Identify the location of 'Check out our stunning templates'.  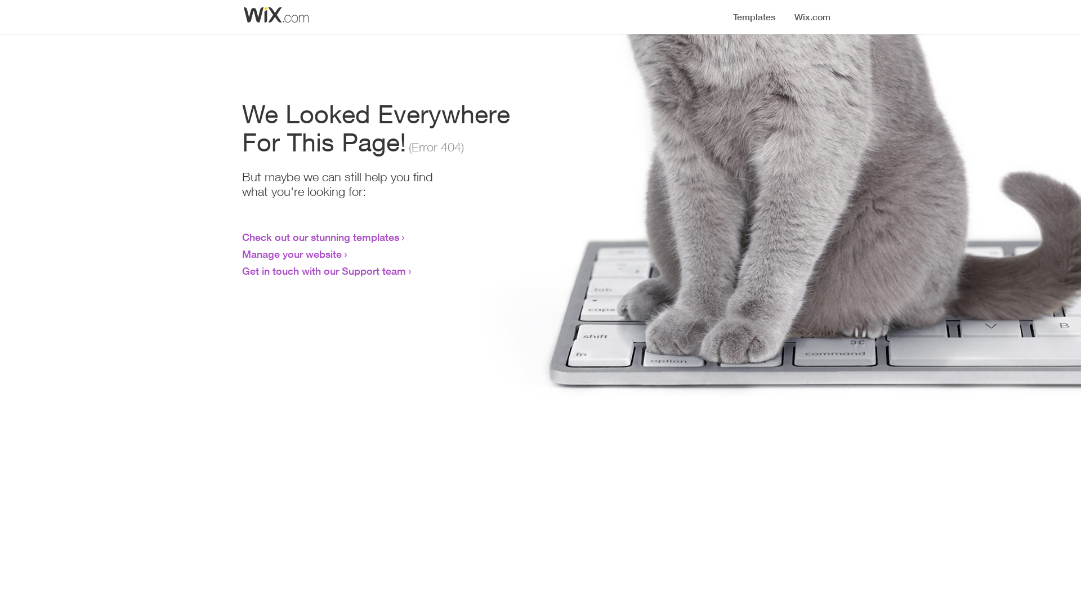
(320, 236).